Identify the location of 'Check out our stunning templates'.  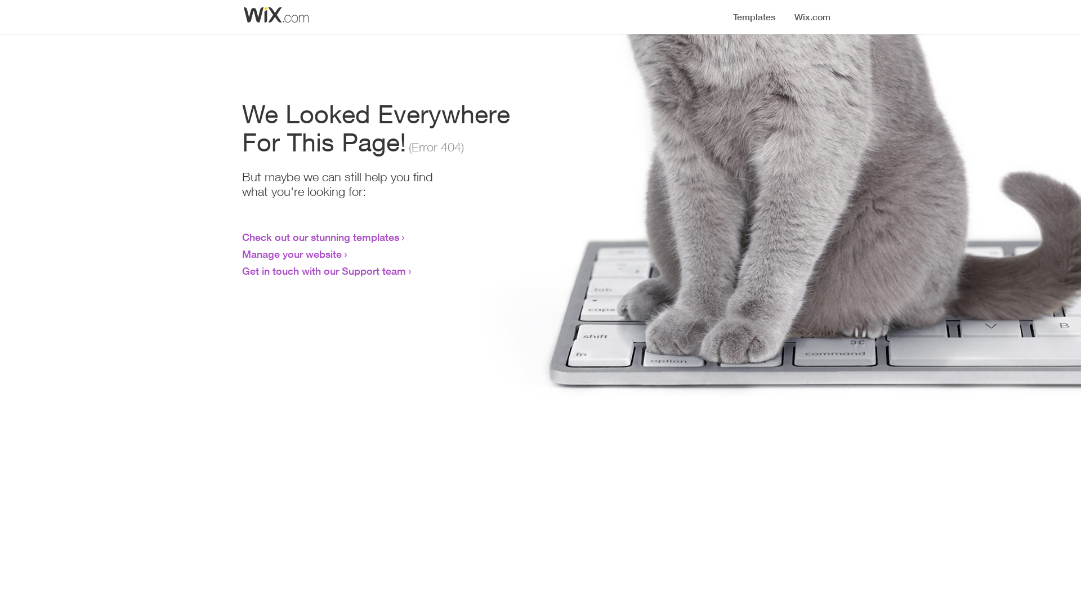
(320, 236).